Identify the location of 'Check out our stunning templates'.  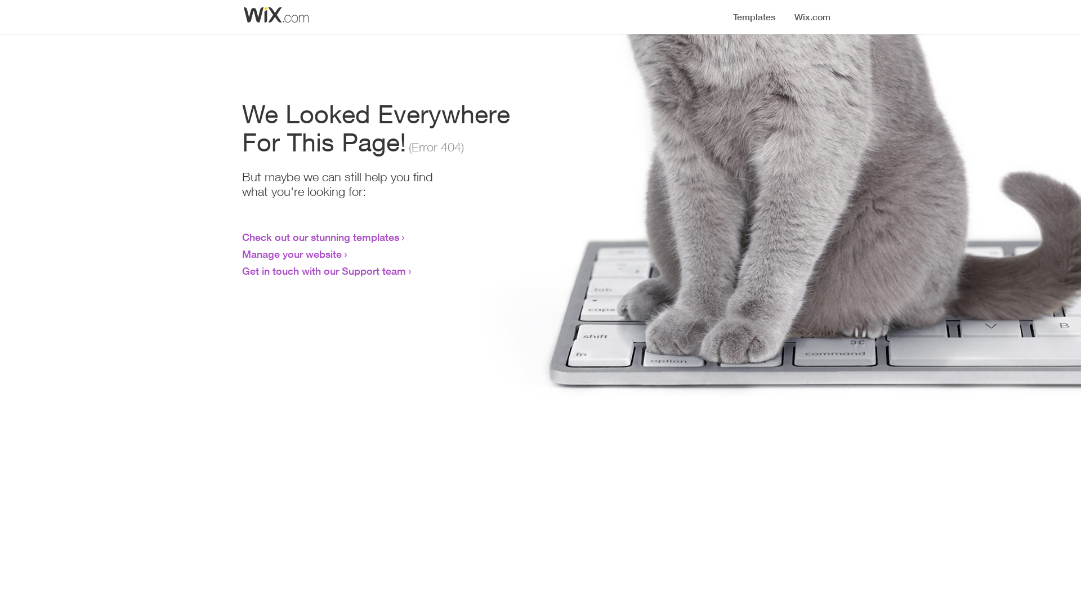
(320, 236).